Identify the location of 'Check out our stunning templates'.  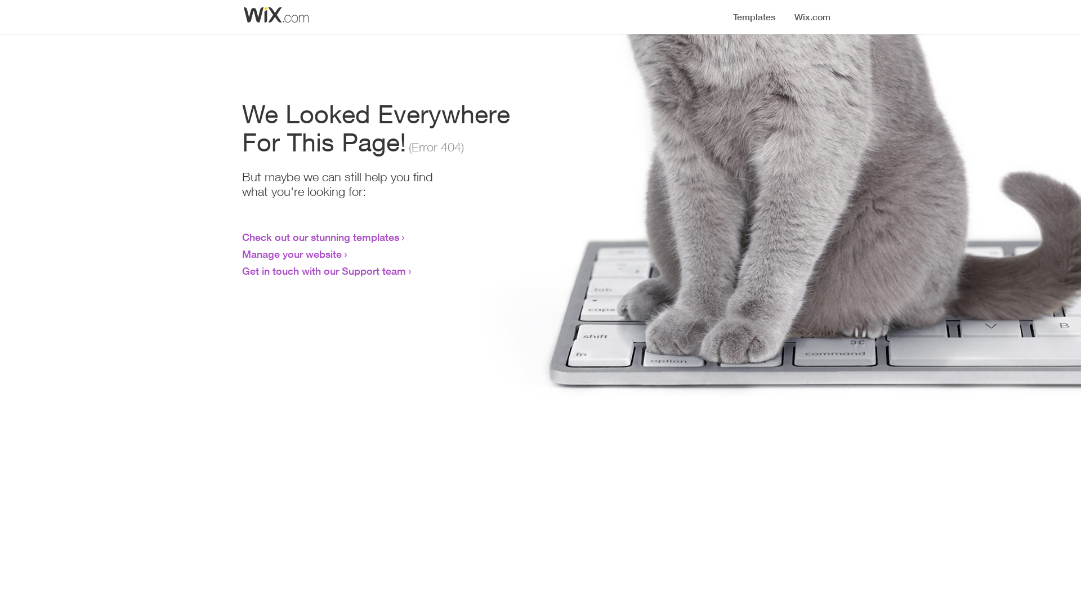
(320, 236).